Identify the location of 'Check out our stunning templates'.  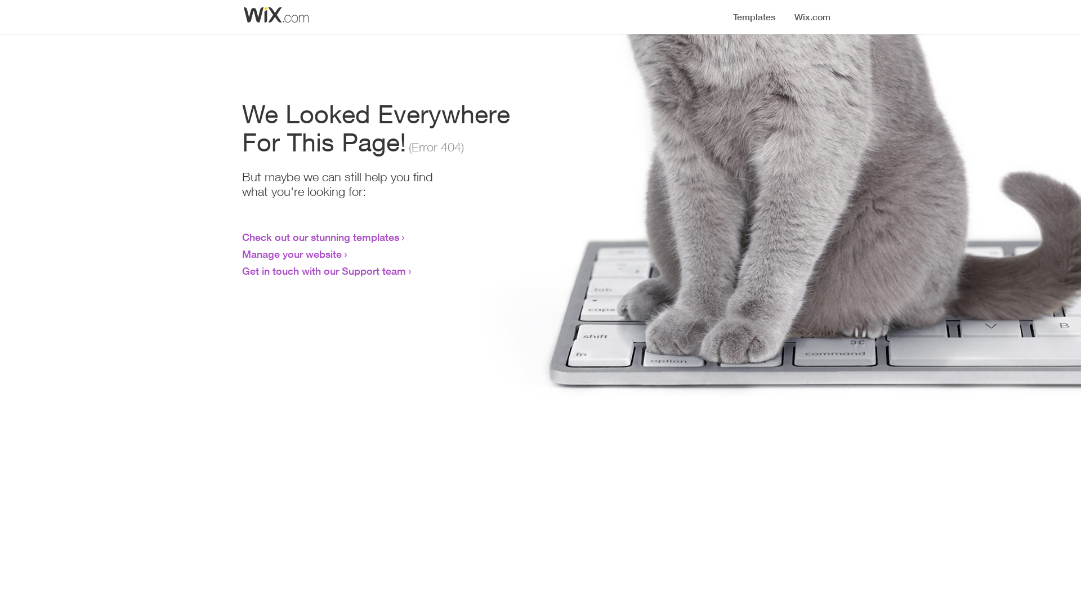
(320, 236).